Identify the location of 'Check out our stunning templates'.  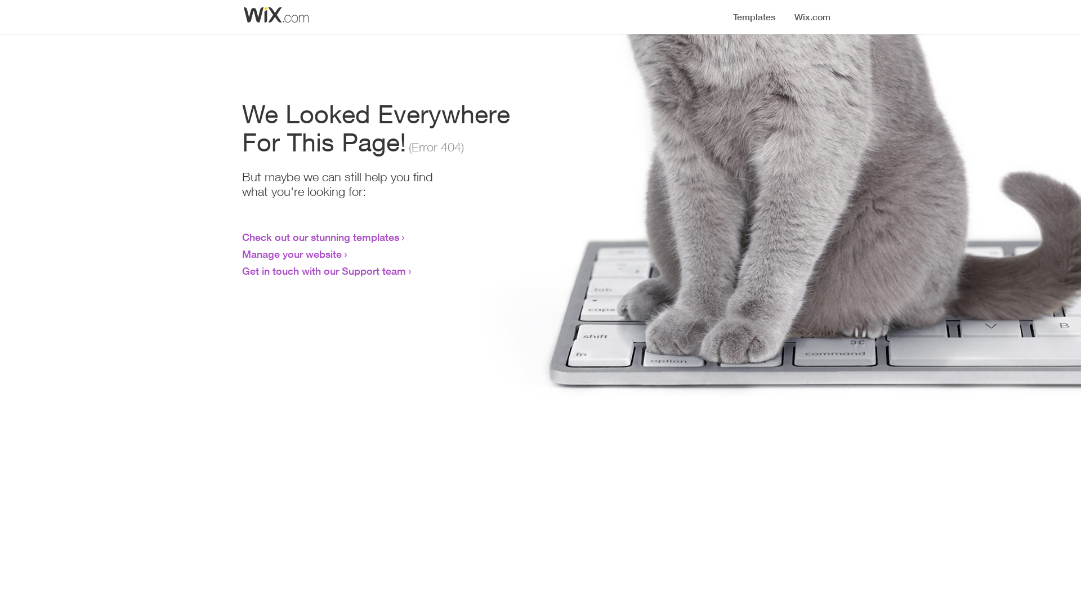
(320, 236).